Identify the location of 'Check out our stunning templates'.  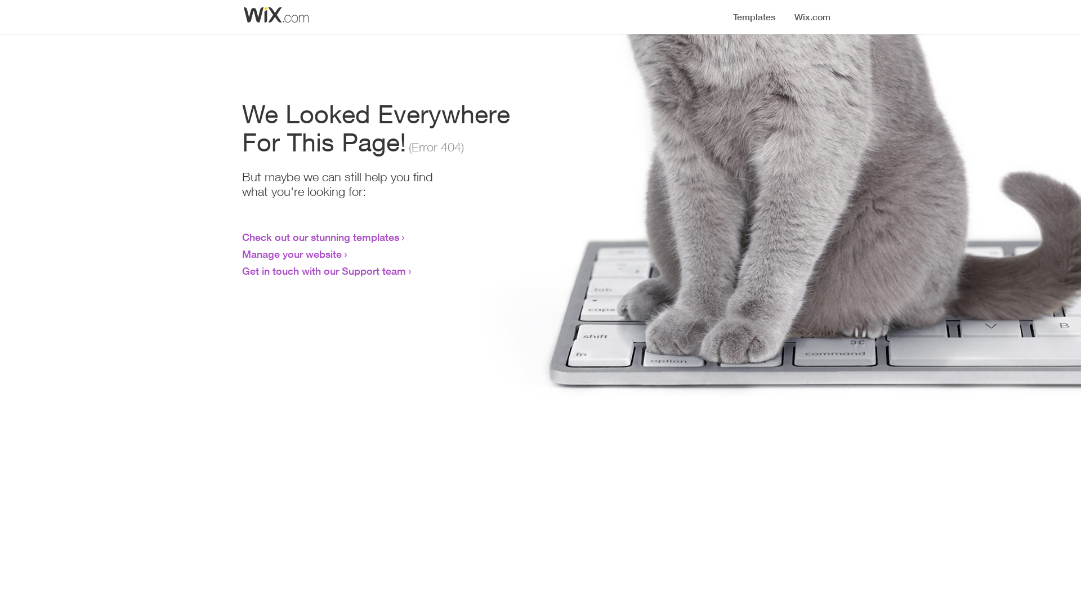
(320, 236).